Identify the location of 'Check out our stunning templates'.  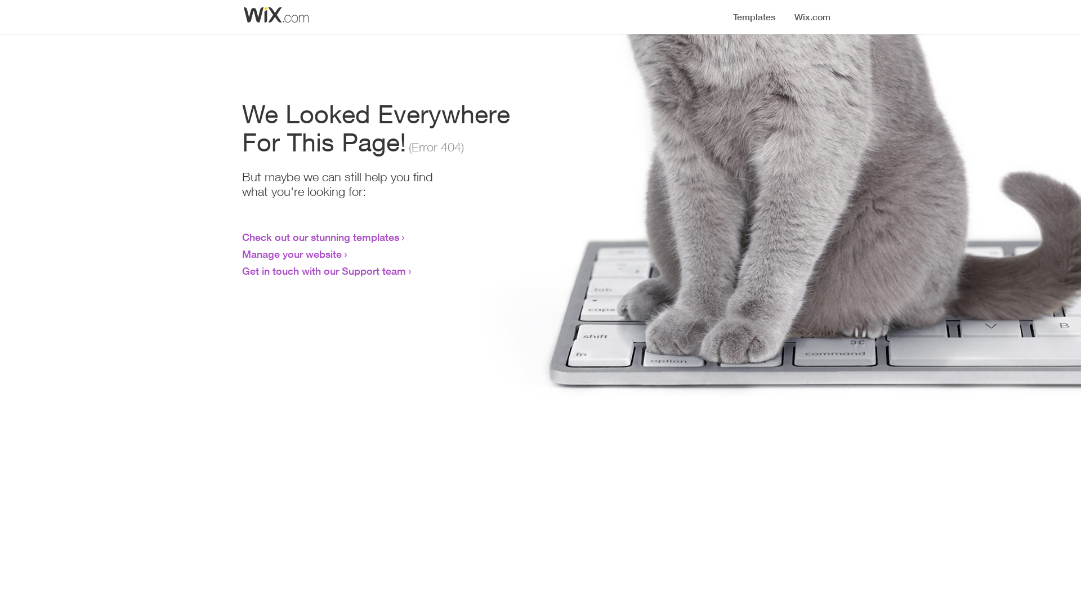
(320, 236).